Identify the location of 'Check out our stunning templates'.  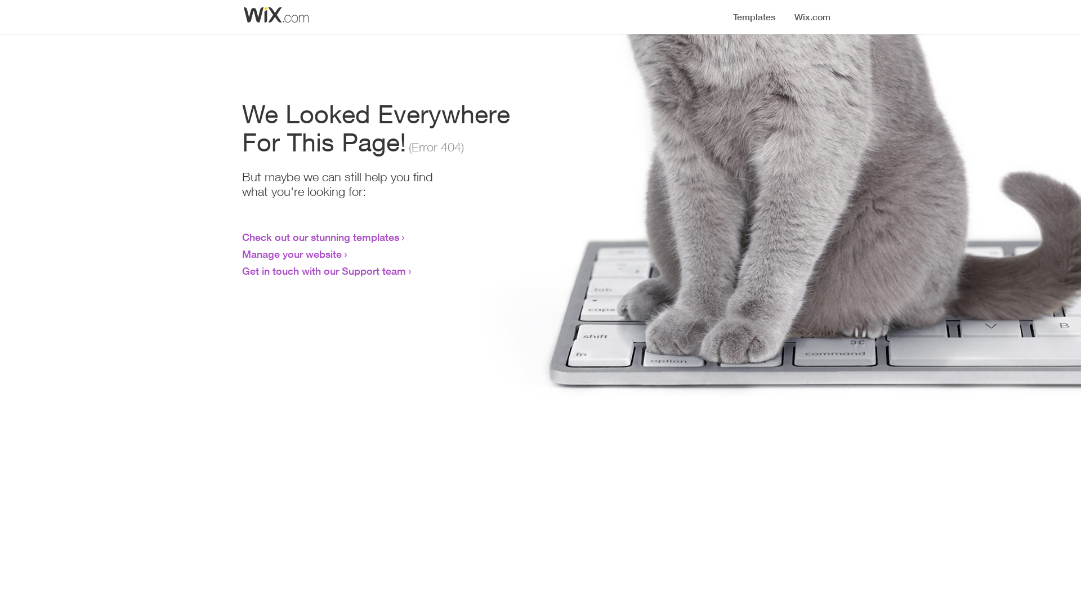
(320, 236).